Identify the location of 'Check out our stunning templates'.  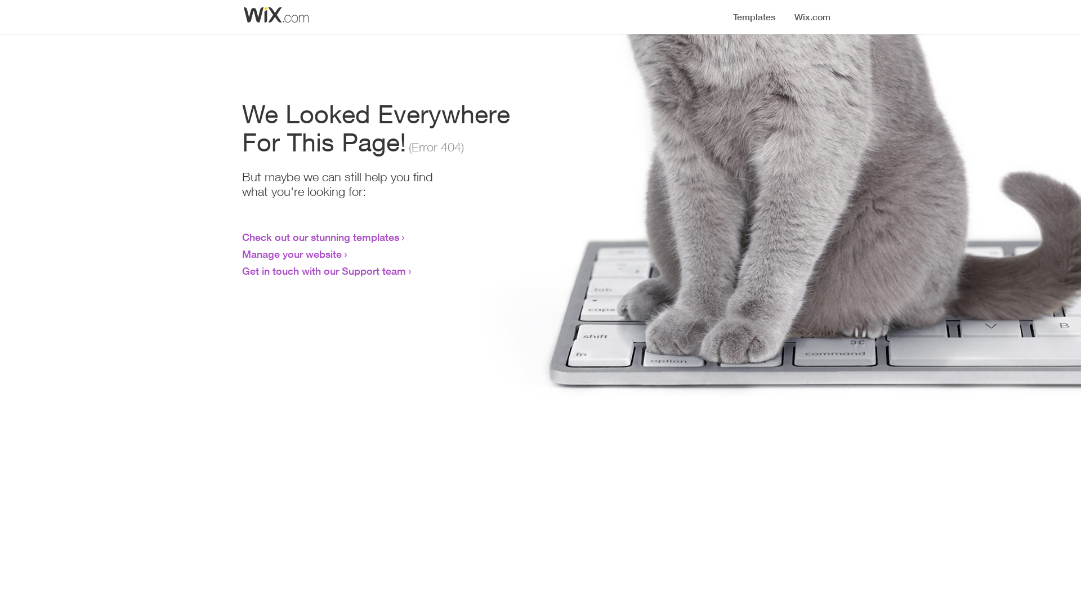
(320, 236).